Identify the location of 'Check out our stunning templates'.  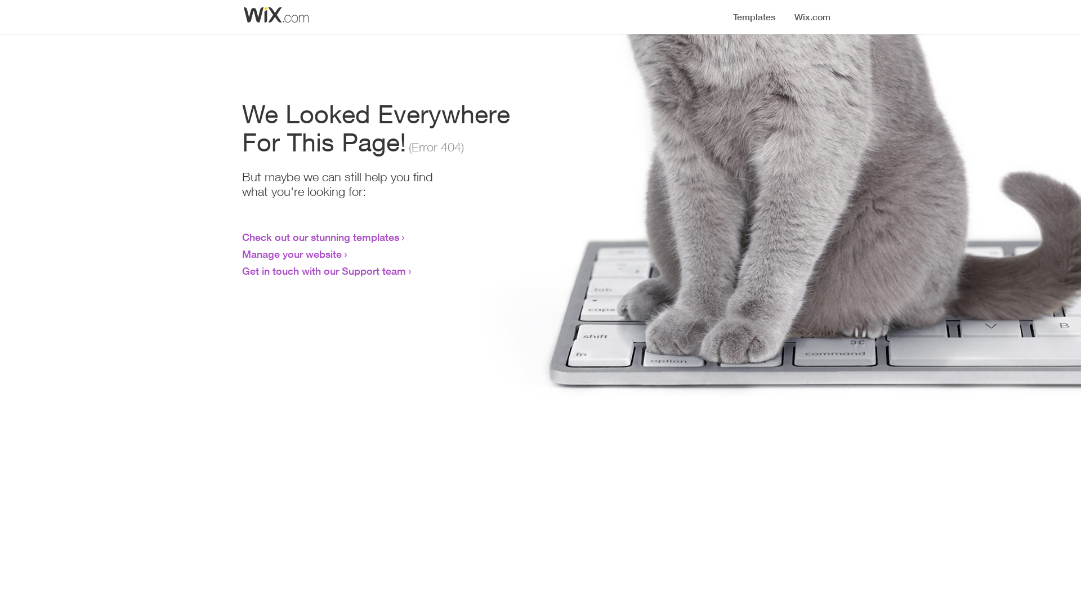
(320, 236).